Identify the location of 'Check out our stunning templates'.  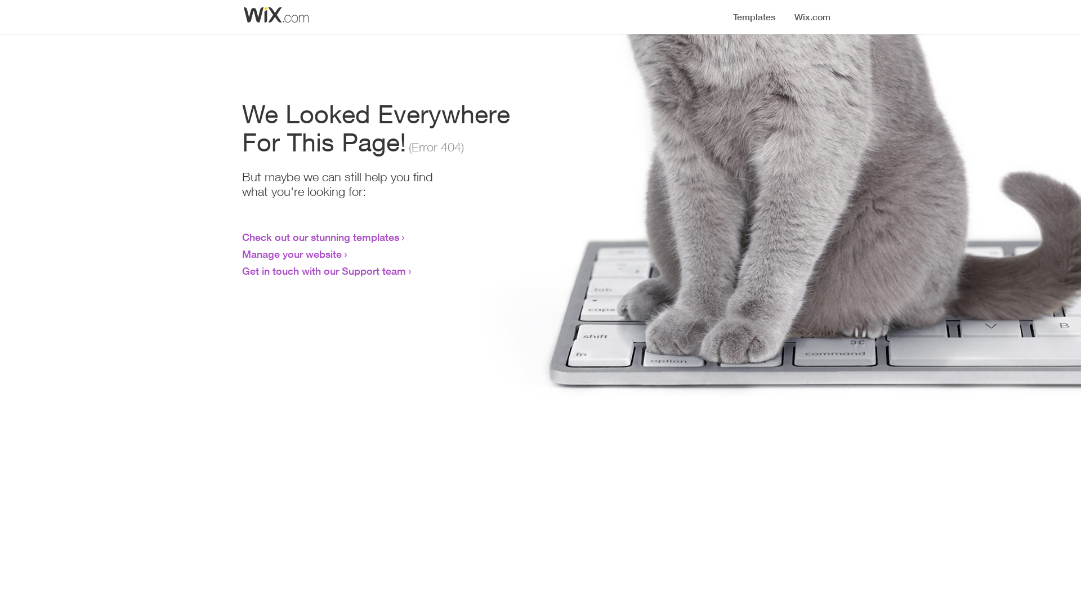
(320, 236).